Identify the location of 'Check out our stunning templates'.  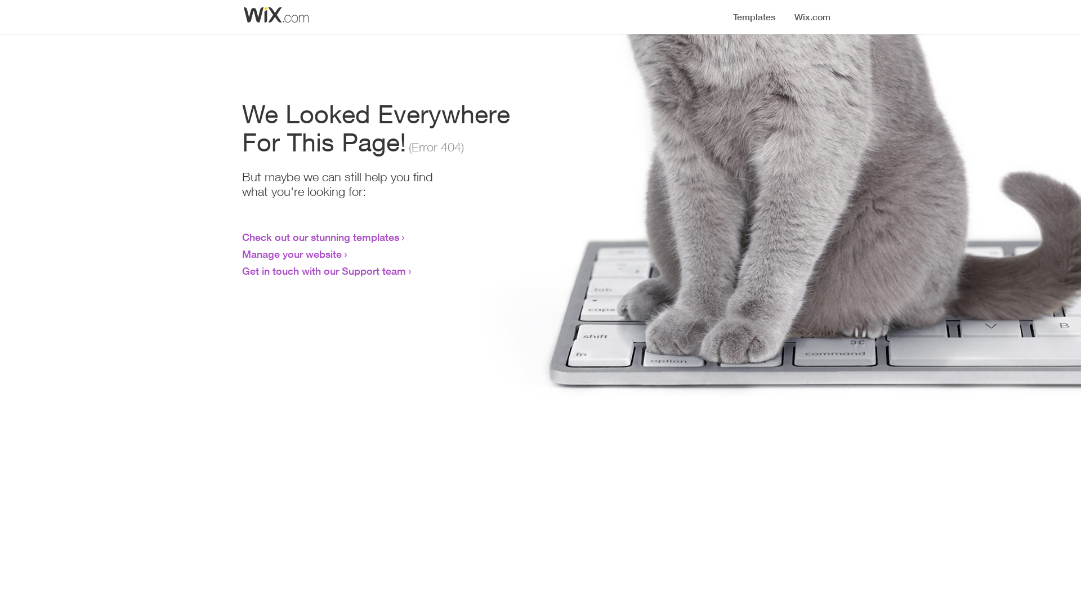
(320, 236).